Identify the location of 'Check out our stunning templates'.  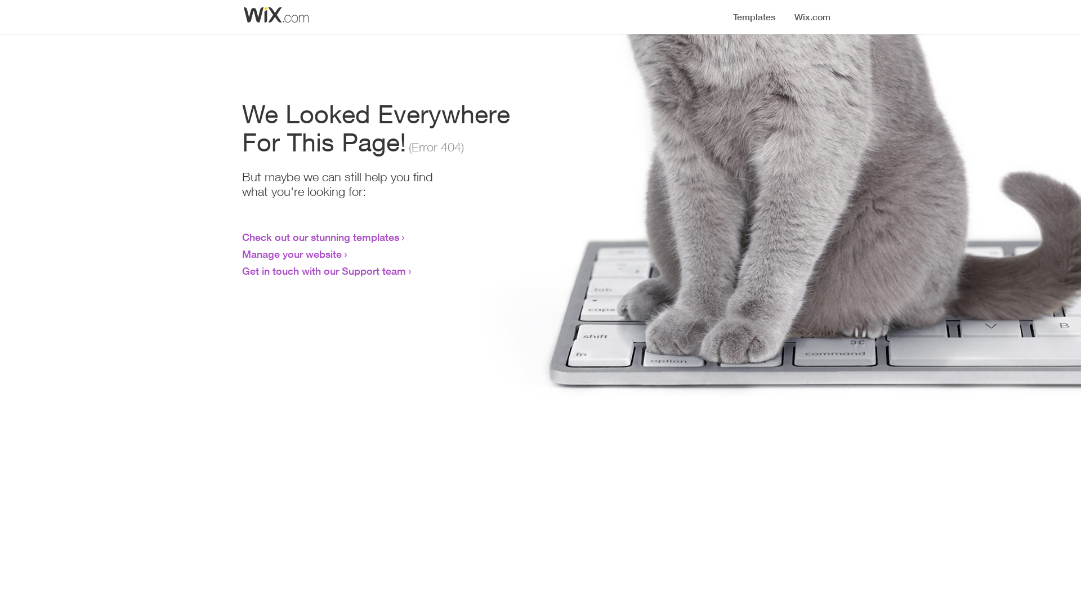
(320, 236).